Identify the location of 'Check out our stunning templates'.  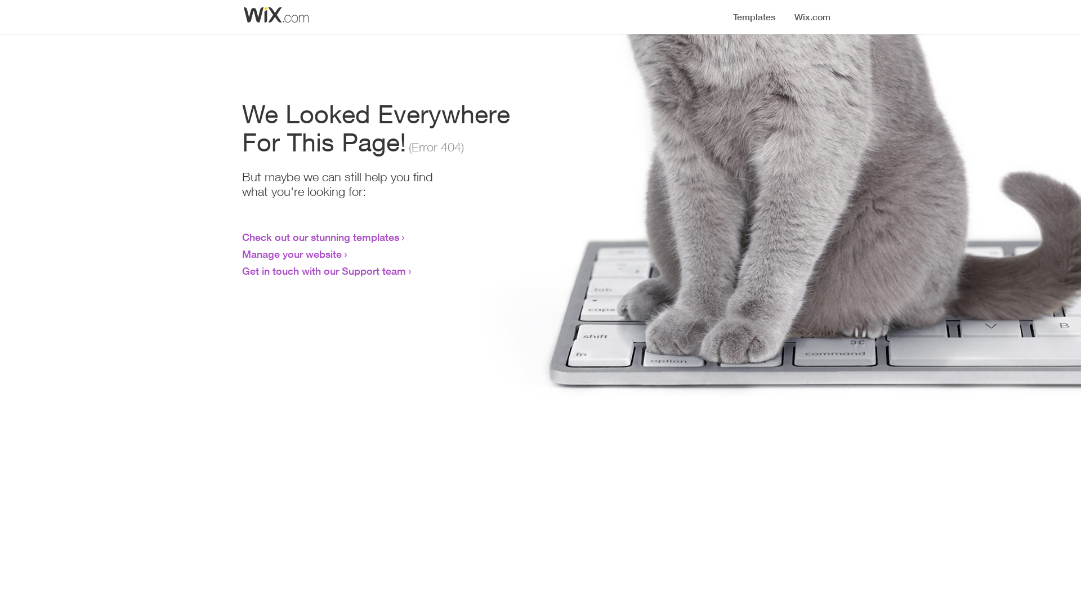
(320, 236).